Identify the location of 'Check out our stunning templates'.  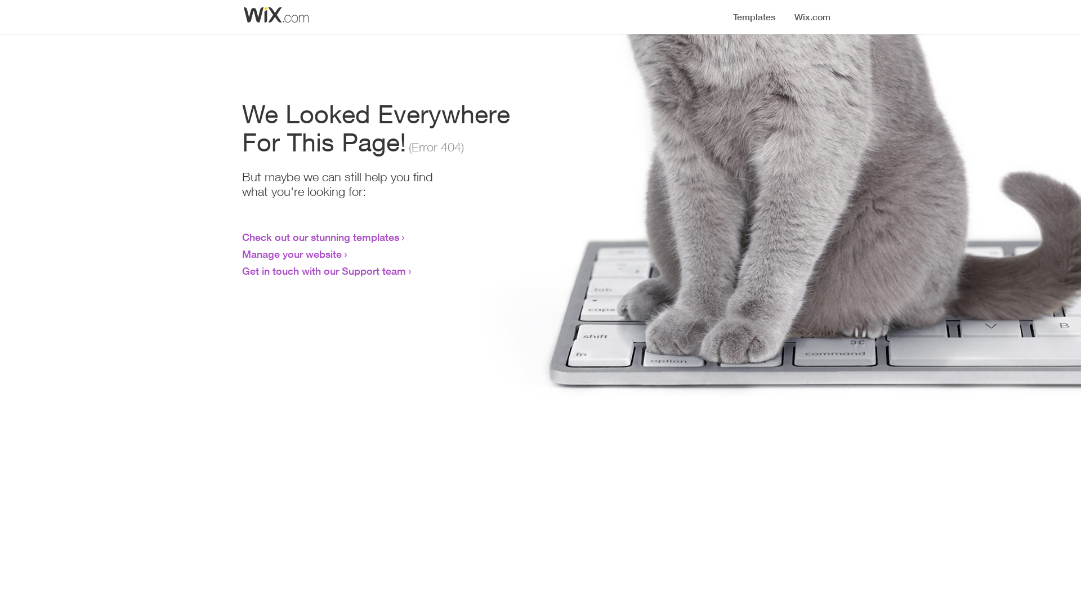
(320, 236).